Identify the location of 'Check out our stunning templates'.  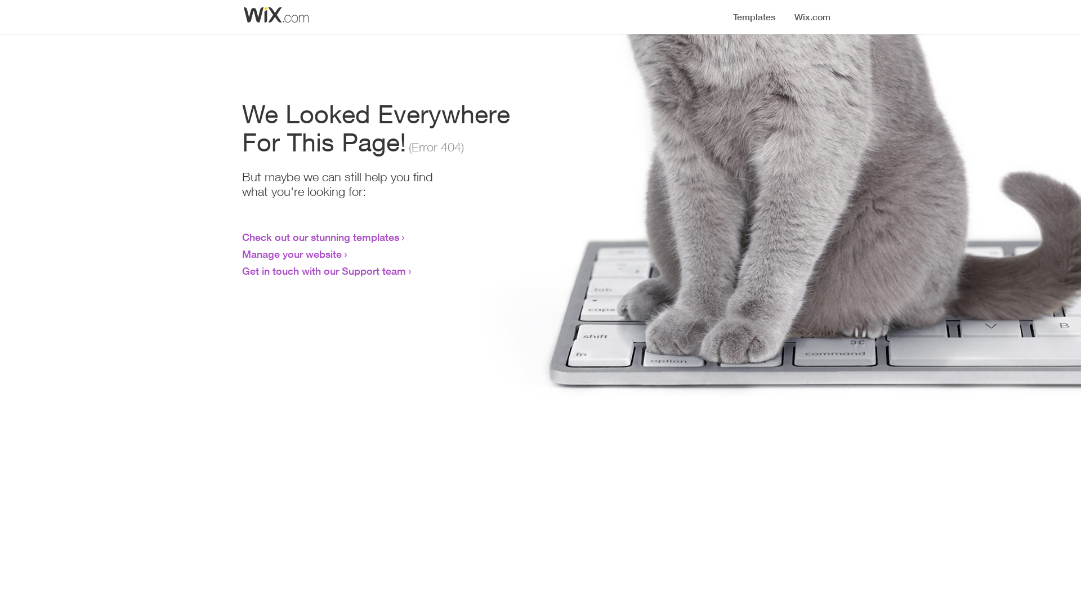
(320, 236).